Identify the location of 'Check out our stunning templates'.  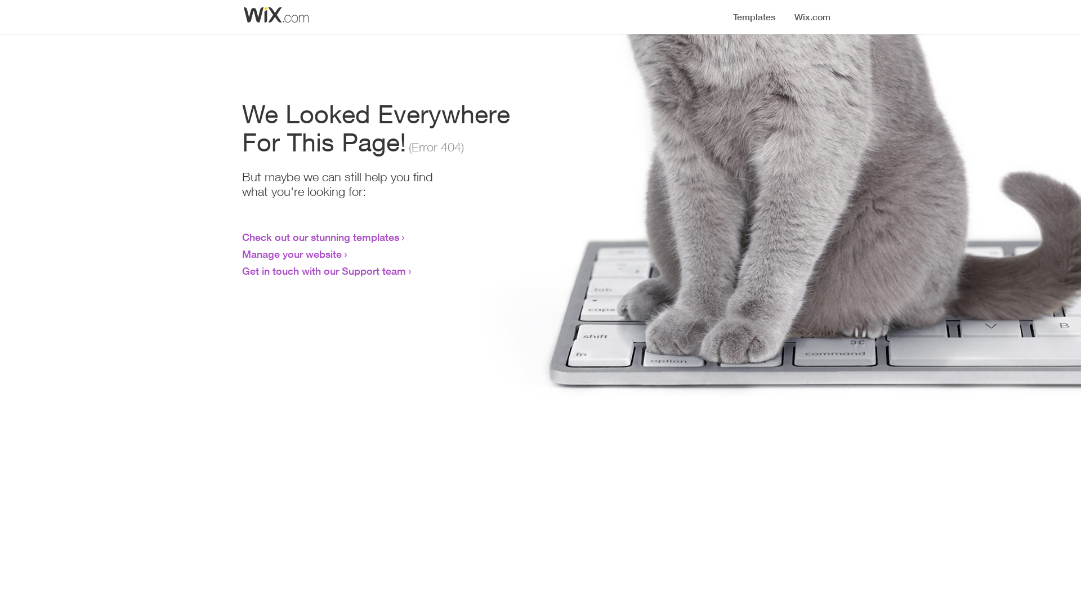
(320, 236).